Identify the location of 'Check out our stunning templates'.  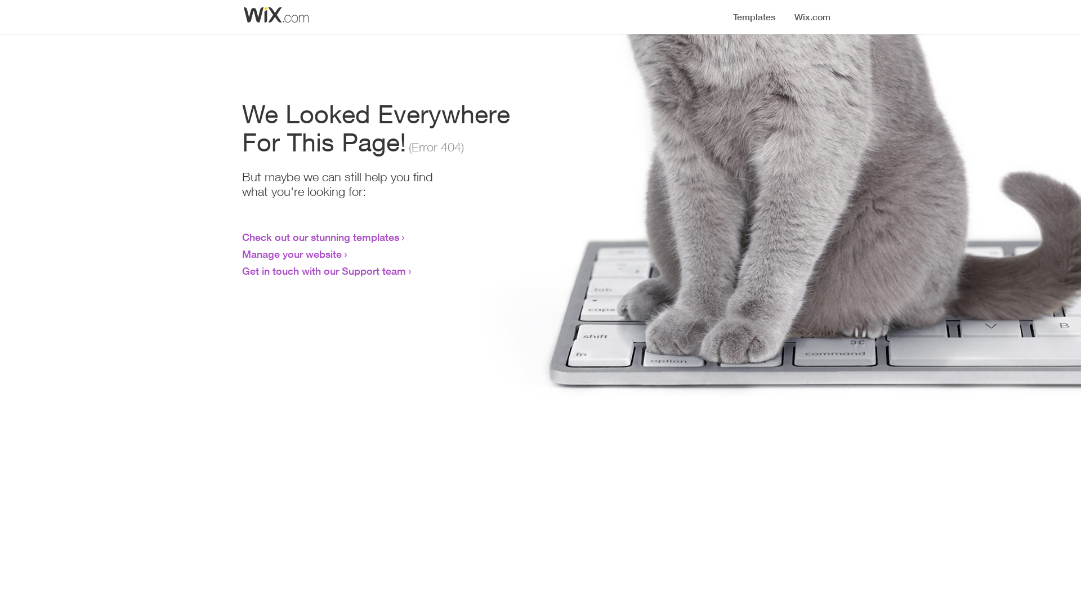
(320, 236).